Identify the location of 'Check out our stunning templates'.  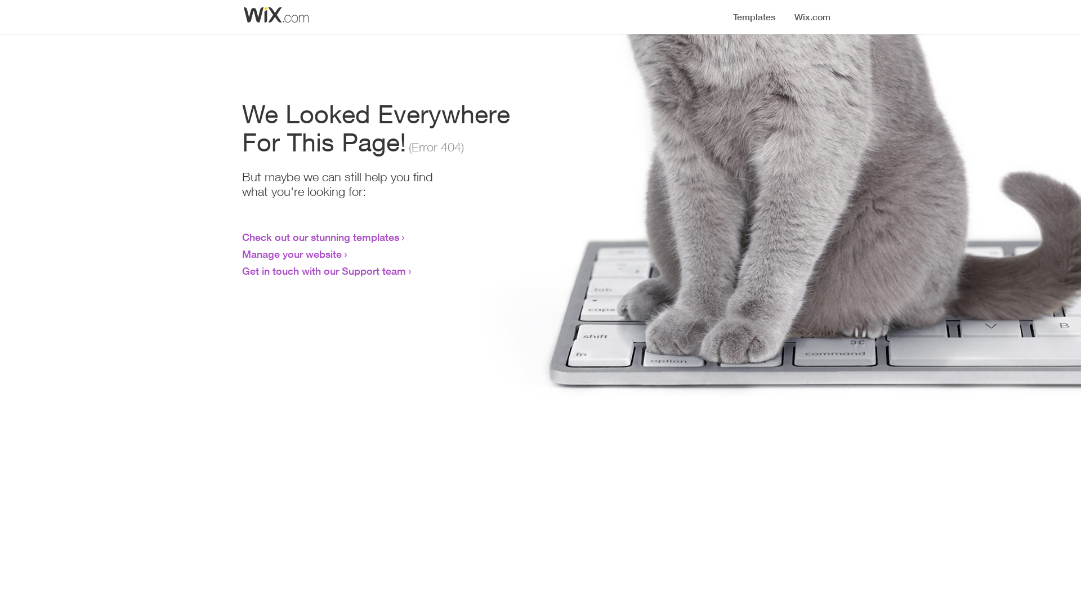
(320, 236).